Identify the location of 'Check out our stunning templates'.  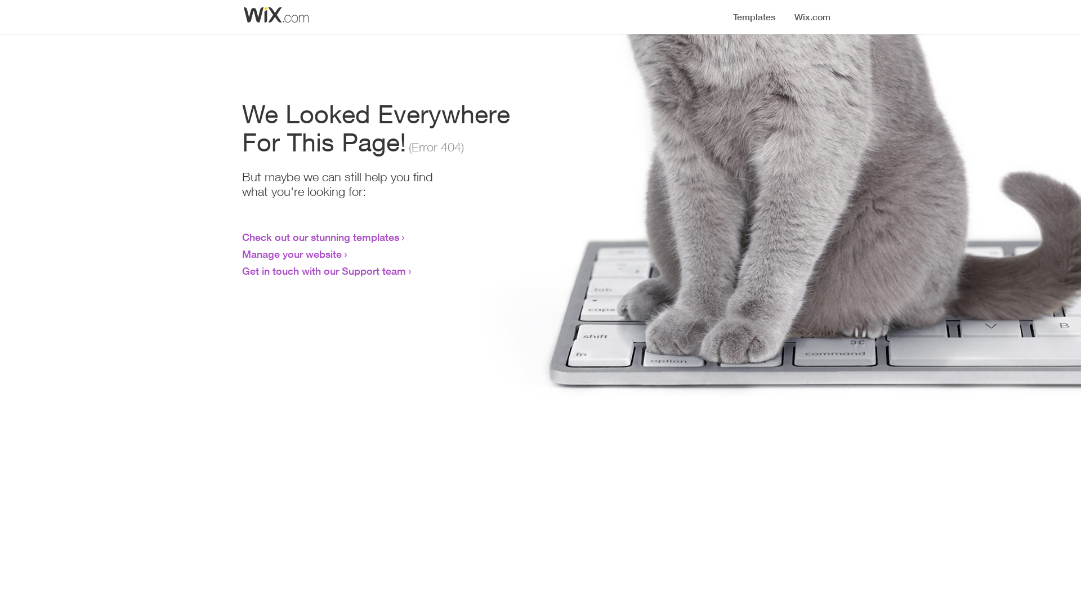
(320, 236).